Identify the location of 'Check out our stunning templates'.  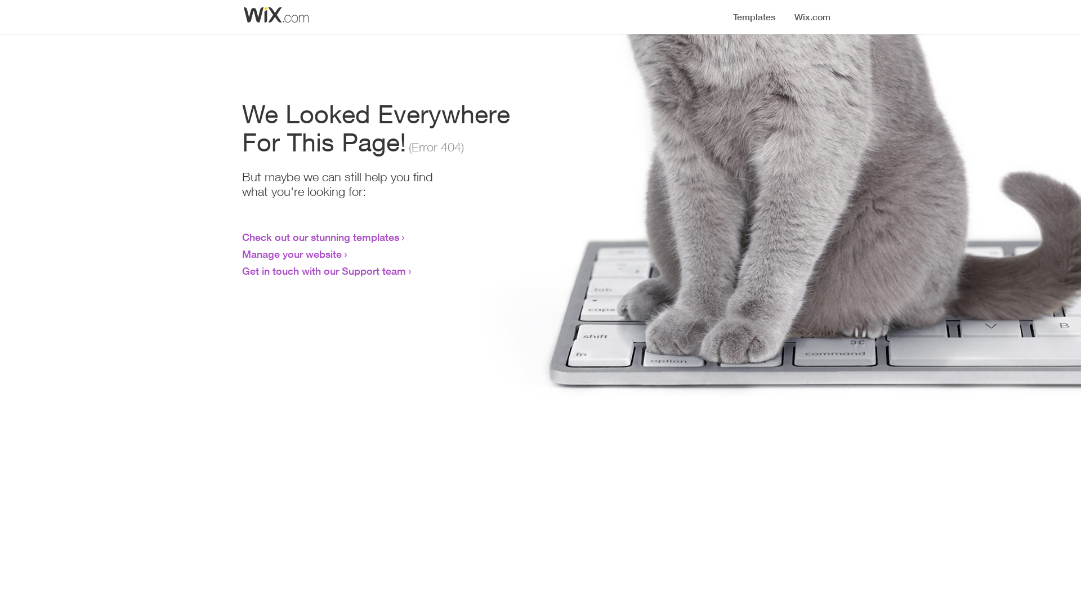
(320, 236).